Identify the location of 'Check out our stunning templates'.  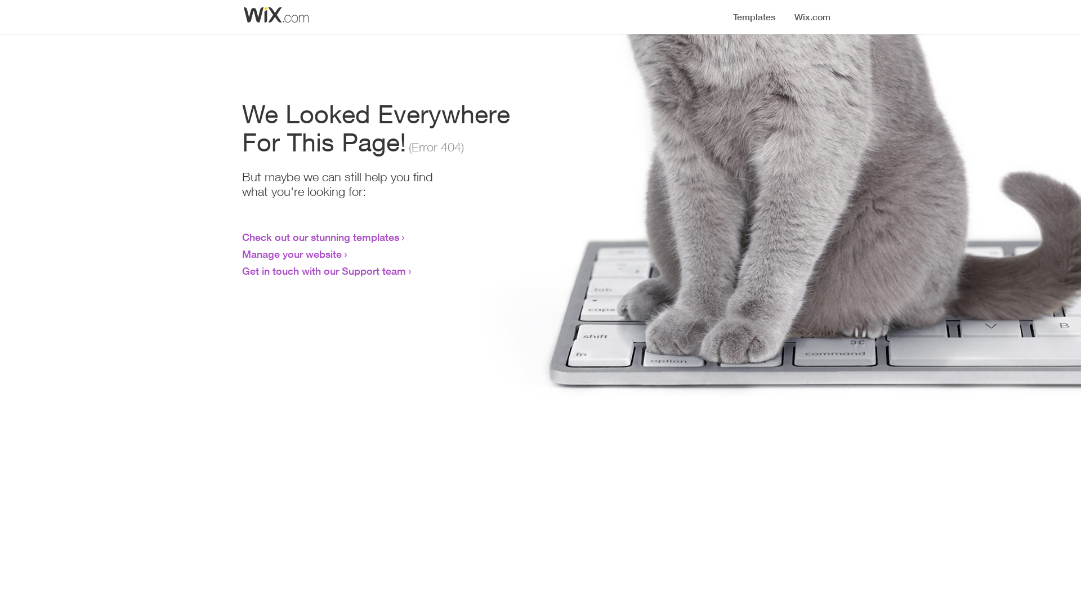
(320, 236).